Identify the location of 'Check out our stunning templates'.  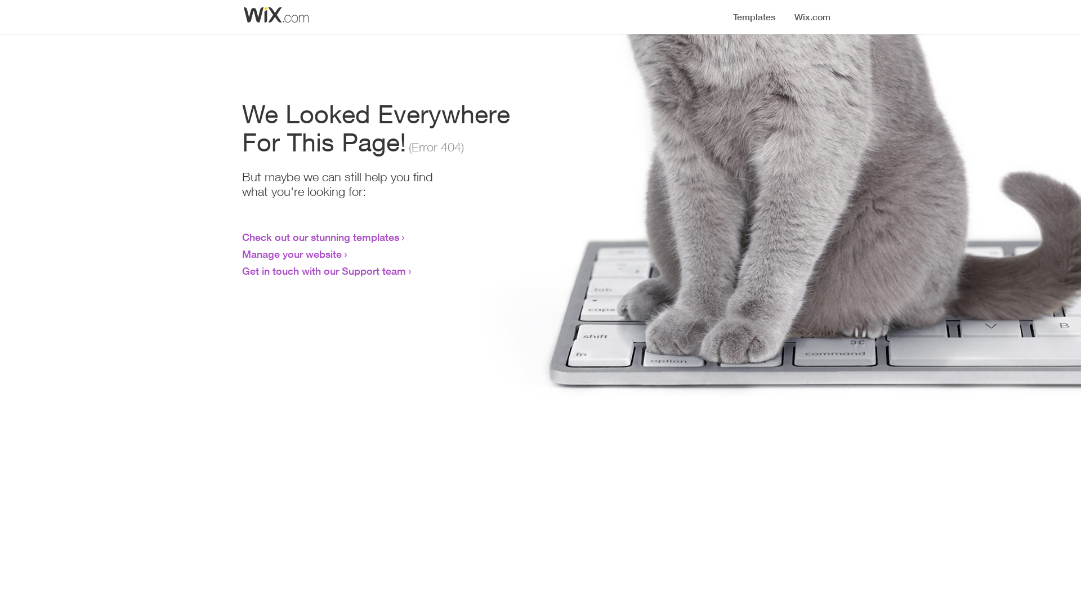
(320, 236).